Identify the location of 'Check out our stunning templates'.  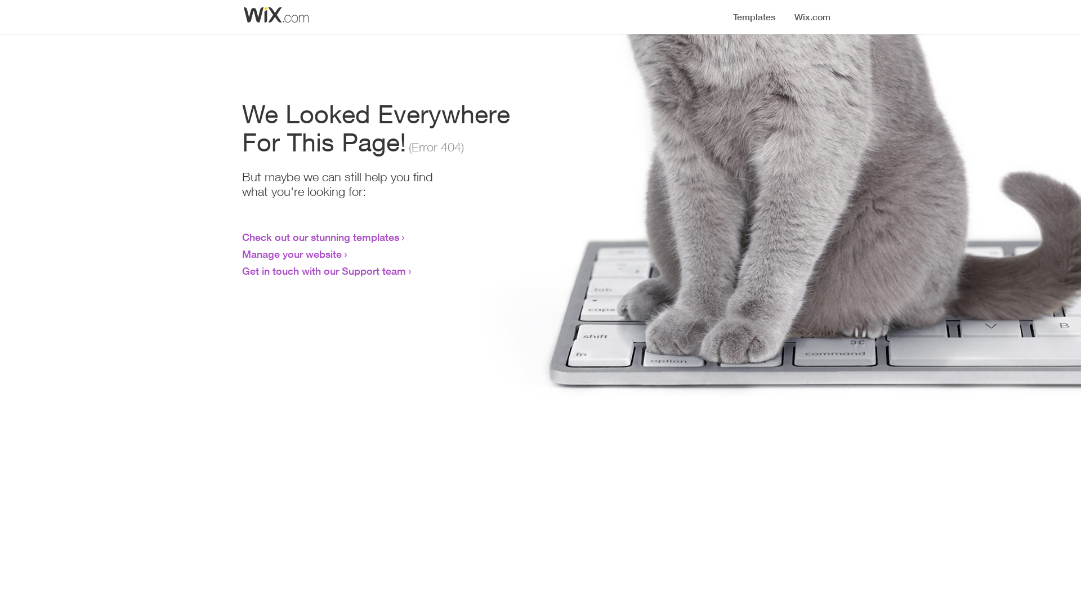
(320, 236).